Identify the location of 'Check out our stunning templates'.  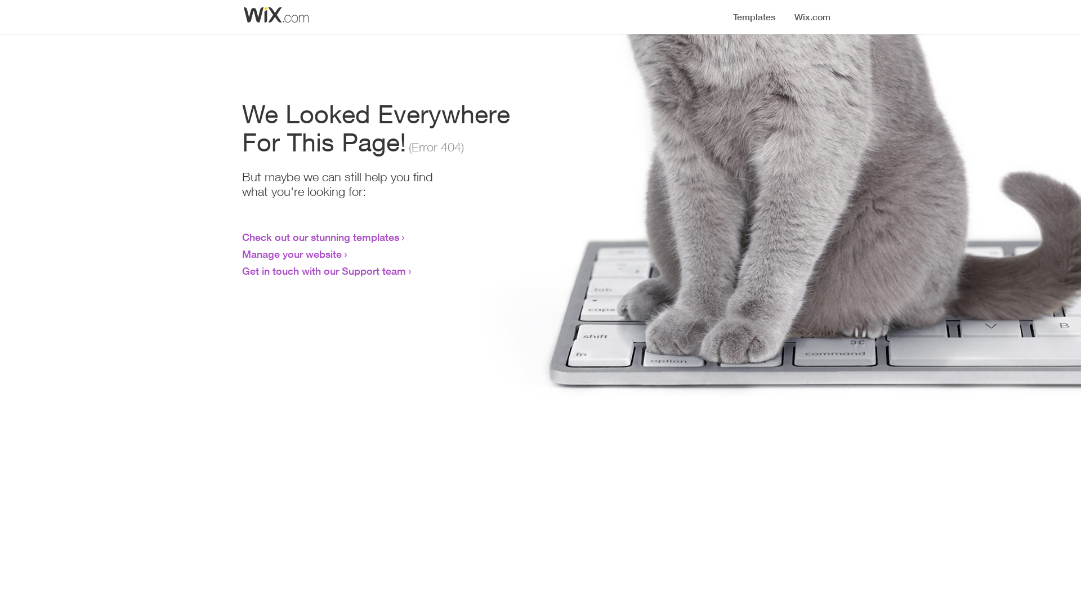
(320, 236).